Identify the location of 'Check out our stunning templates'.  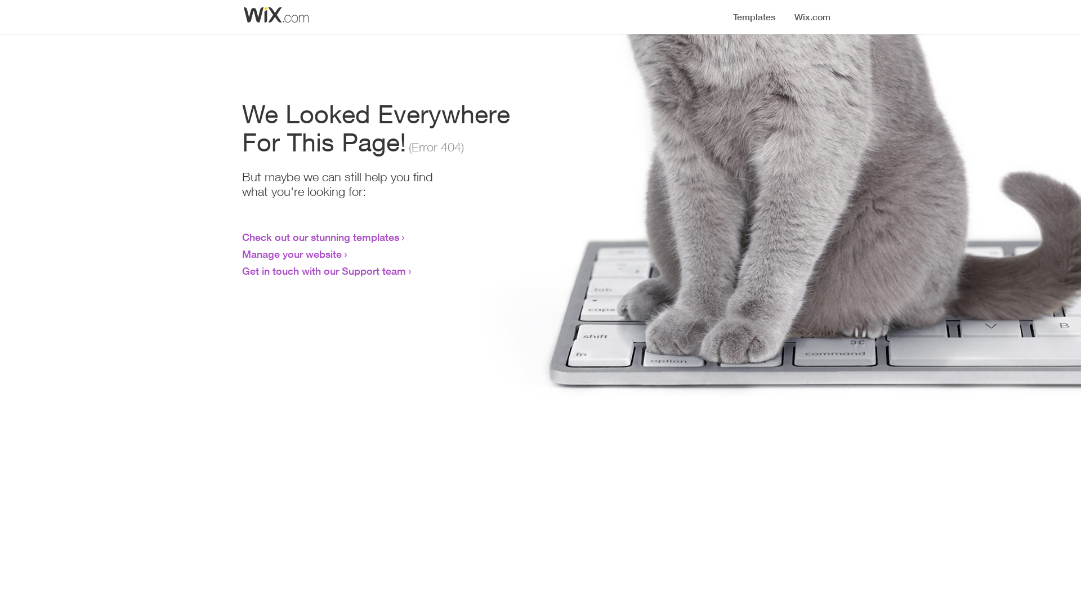
(320, 236).